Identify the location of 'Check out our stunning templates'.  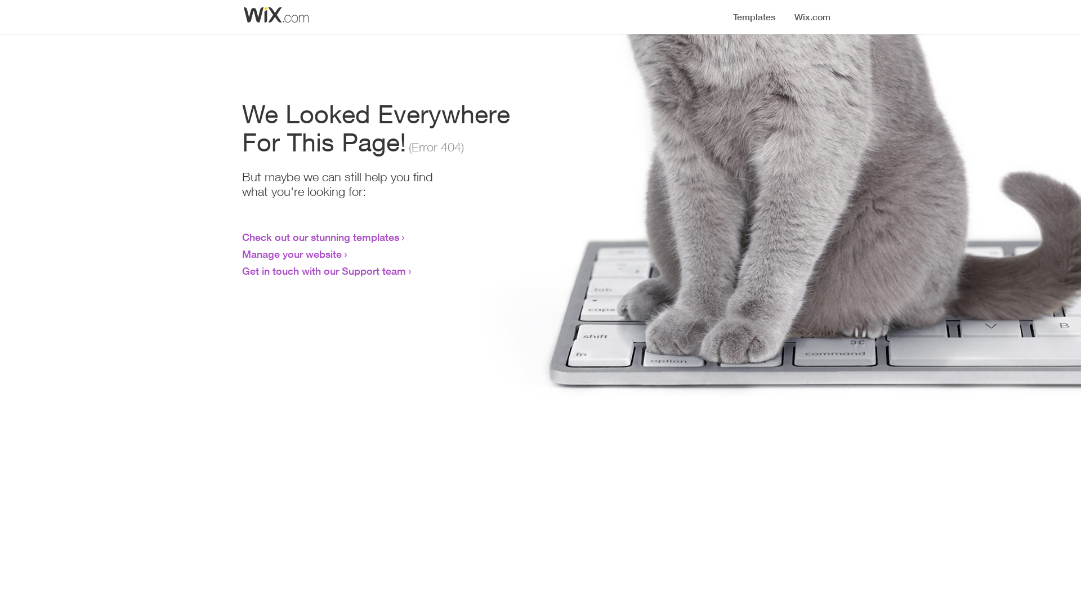
(320, 236).